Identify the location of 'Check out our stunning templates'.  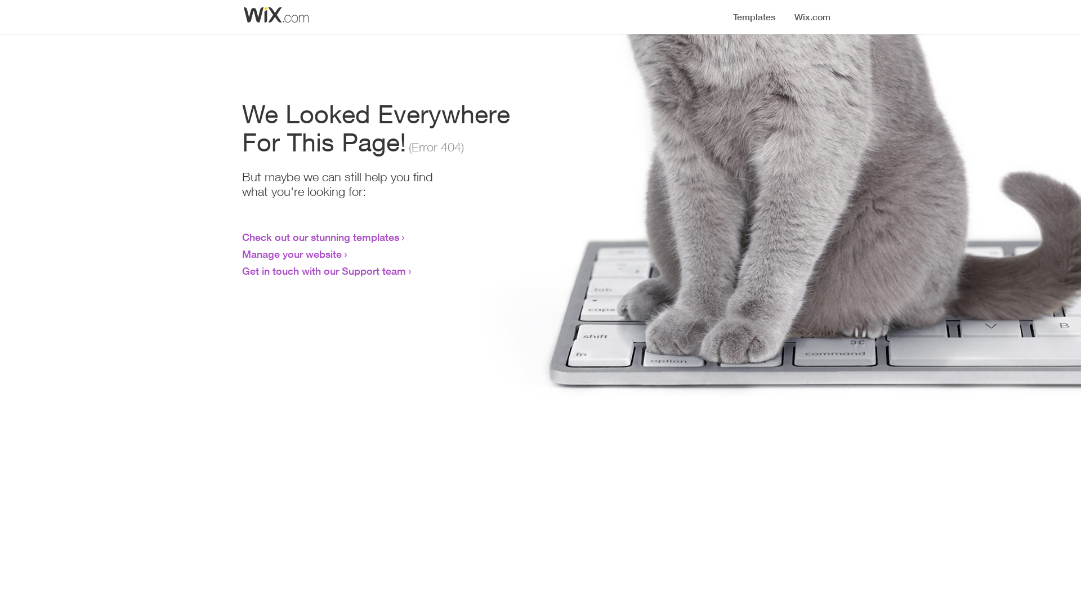
(320, 236).